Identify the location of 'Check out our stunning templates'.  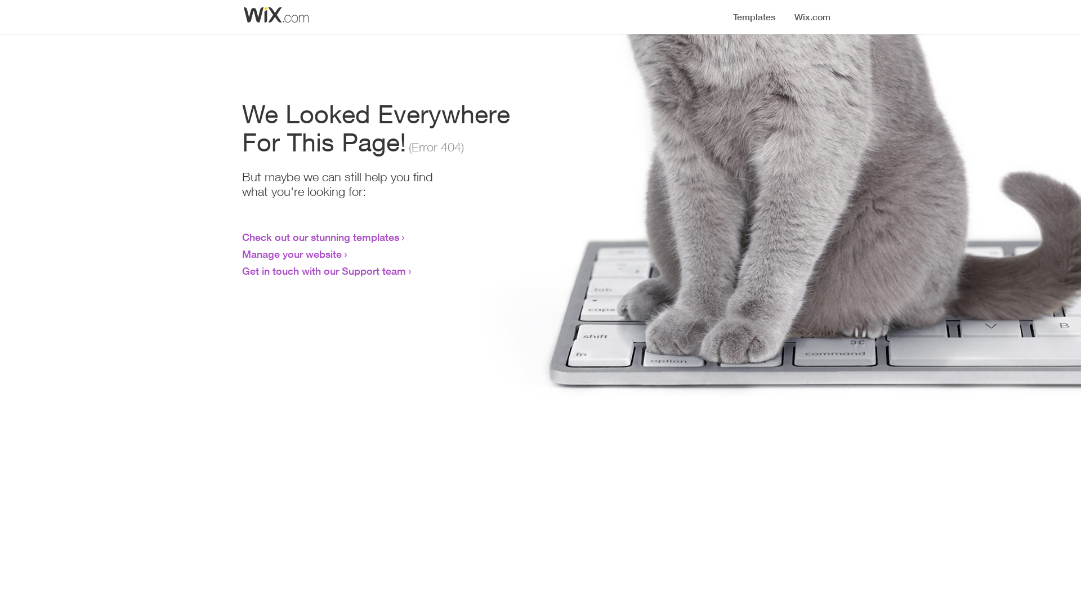
(320, 236).